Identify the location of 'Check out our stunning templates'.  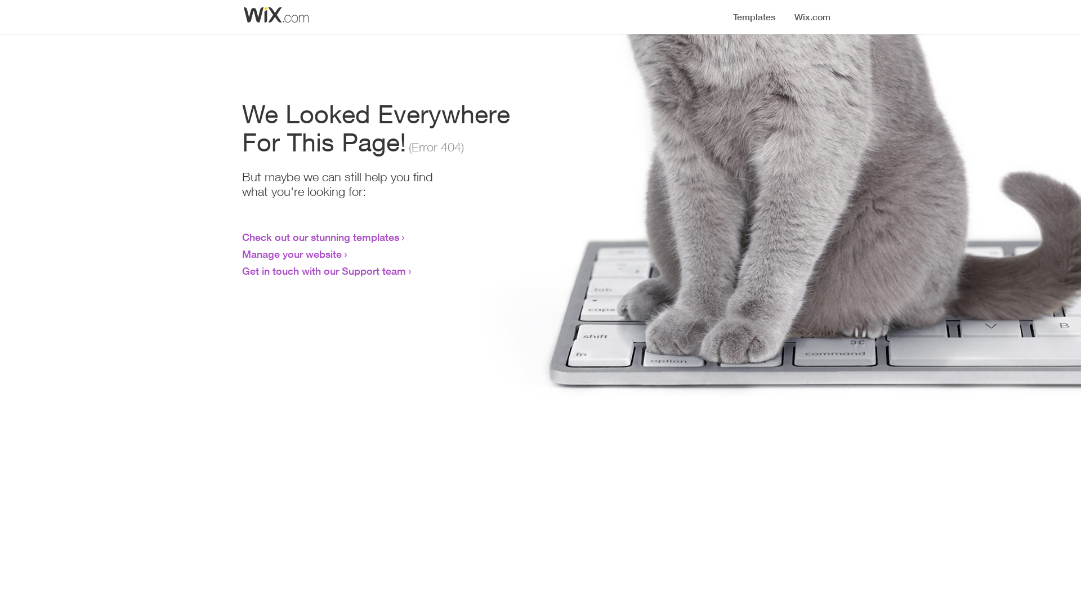
(320, 236).